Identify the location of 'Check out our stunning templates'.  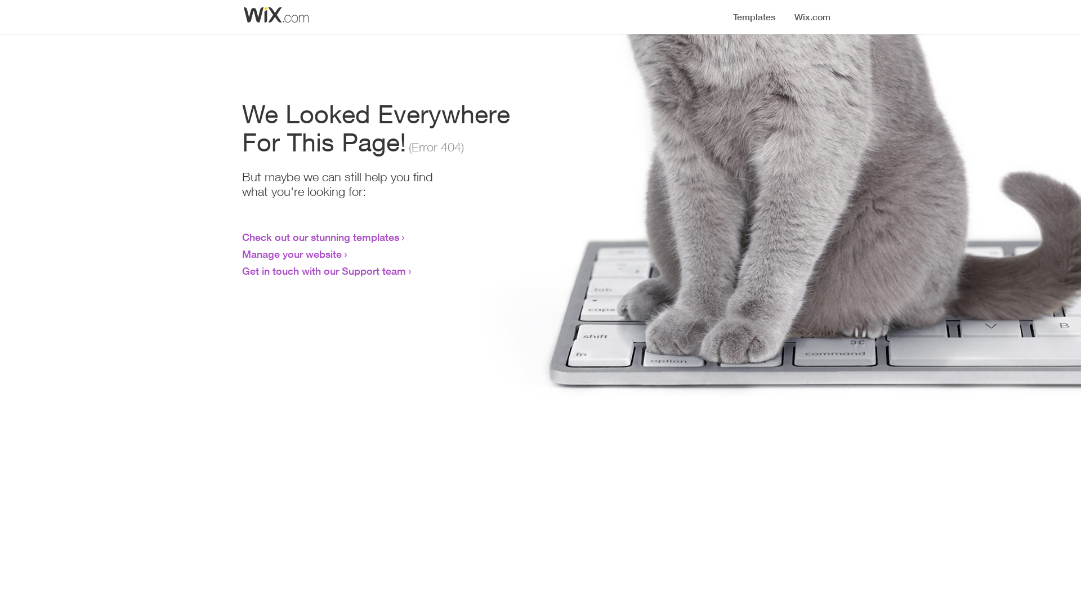
(320, 236).